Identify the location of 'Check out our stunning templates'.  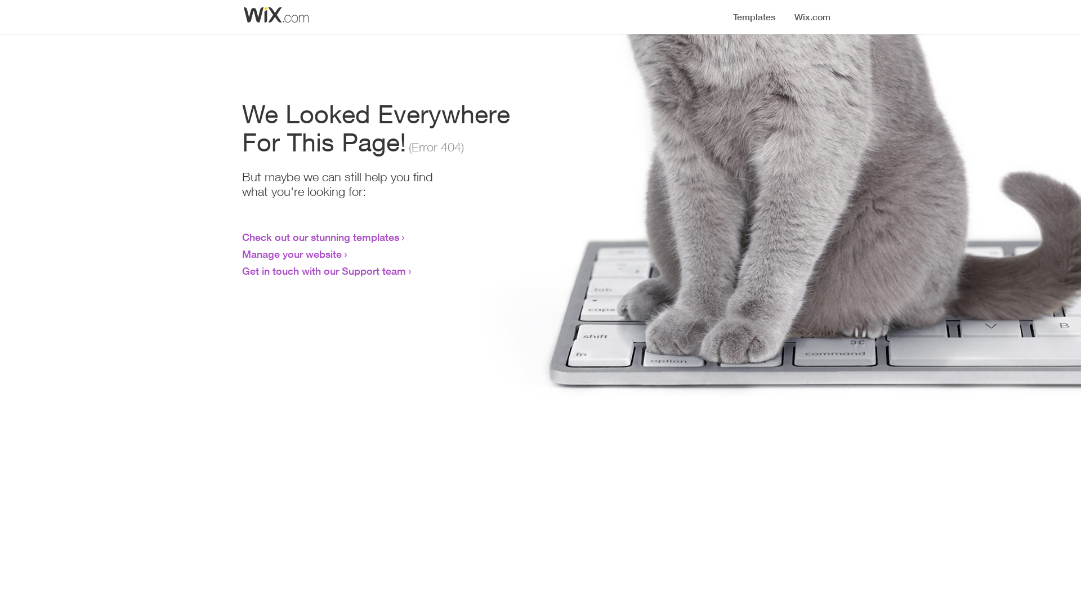
(320, 236).